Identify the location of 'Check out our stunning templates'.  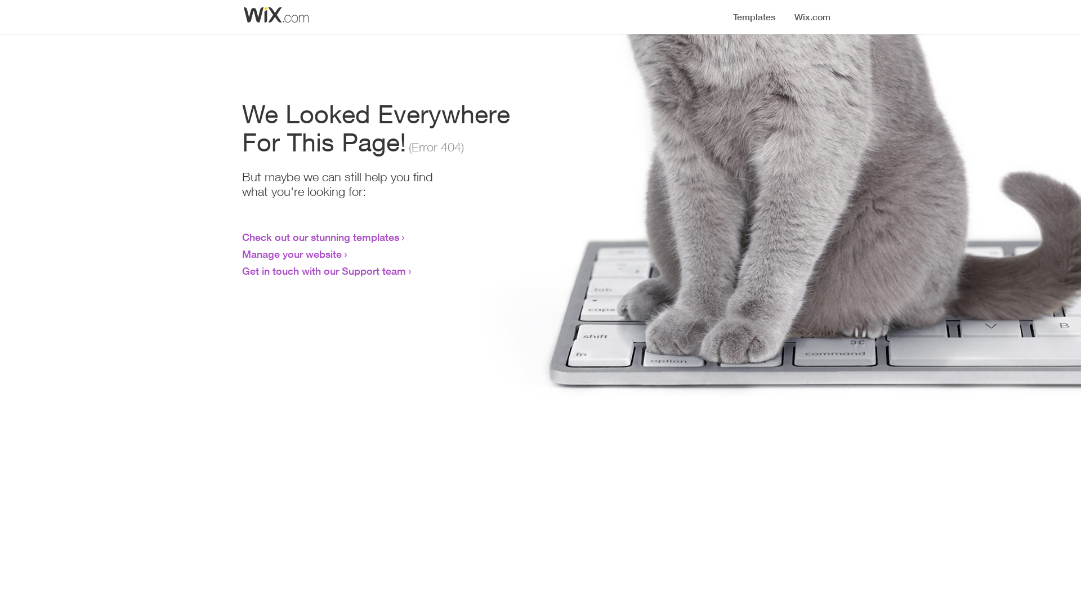
(320, 236).